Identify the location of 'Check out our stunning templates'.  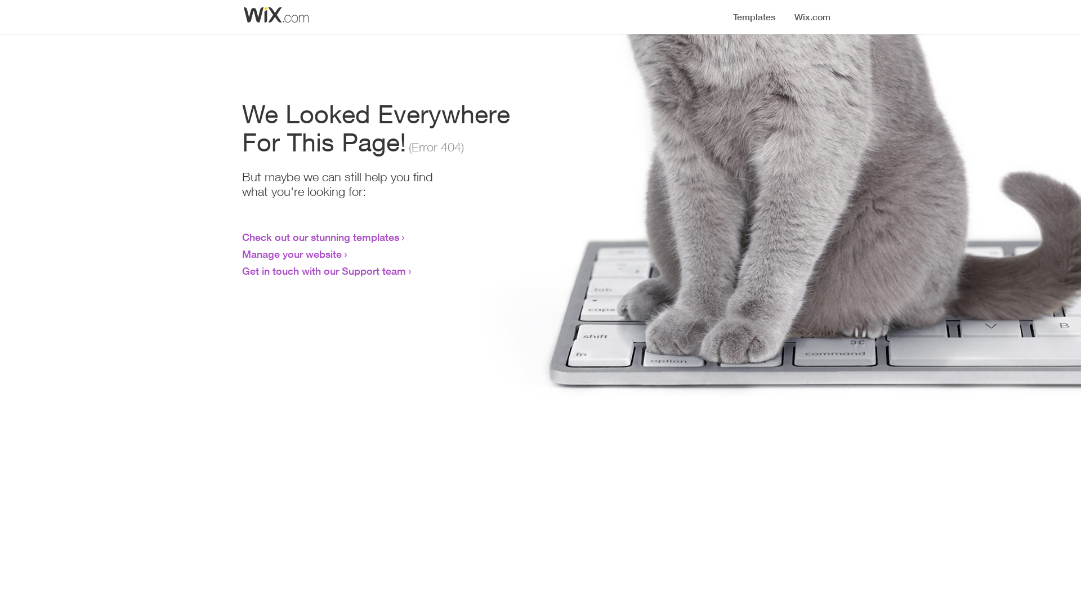
(320, 236).